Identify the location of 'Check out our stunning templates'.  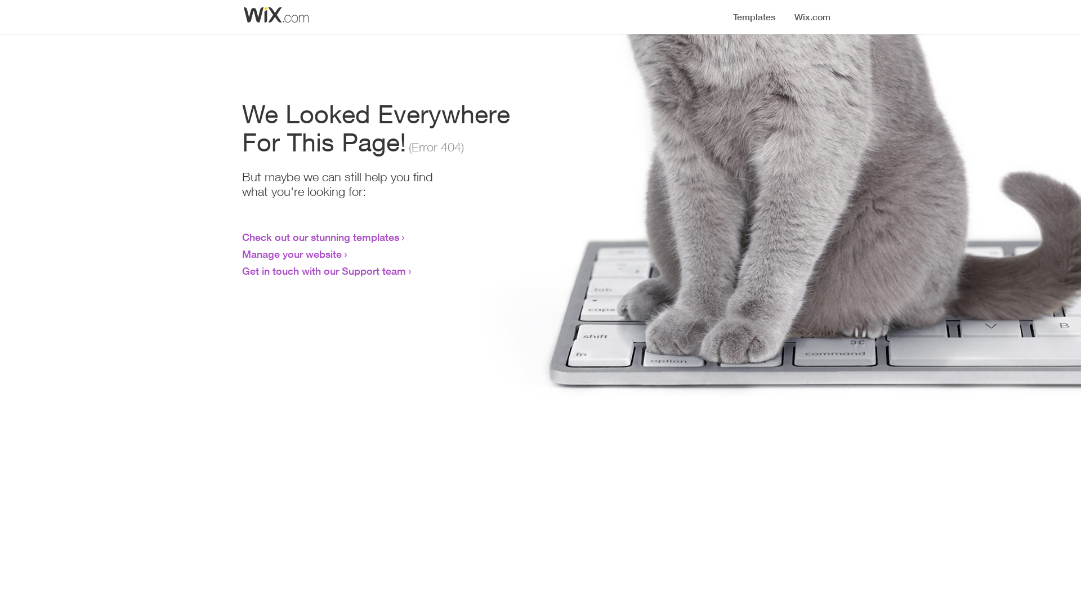
(320, 236).